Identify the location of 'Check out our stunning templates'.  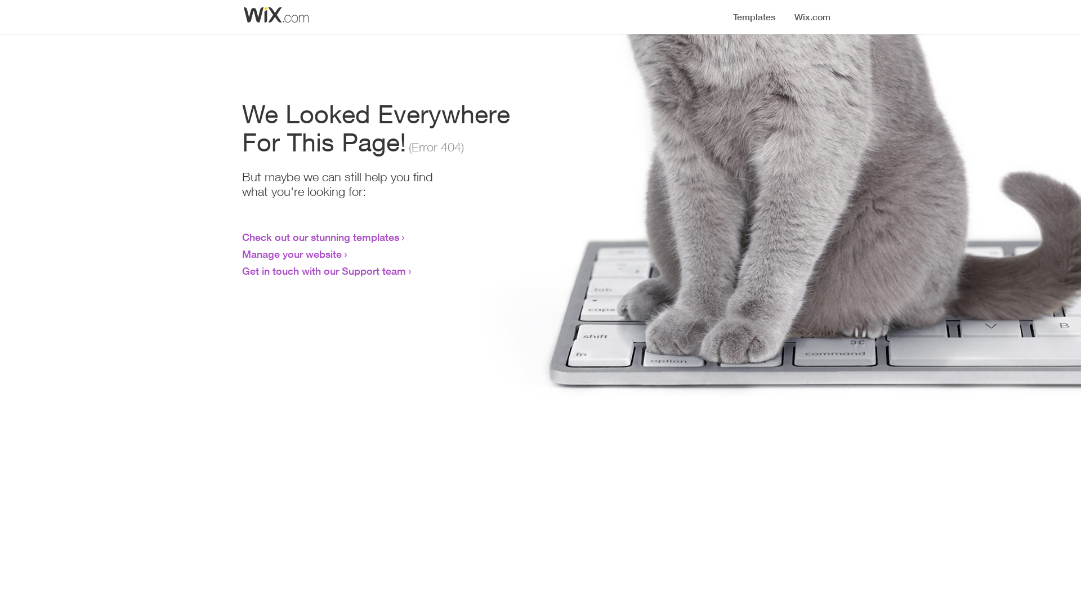
(320, 236).